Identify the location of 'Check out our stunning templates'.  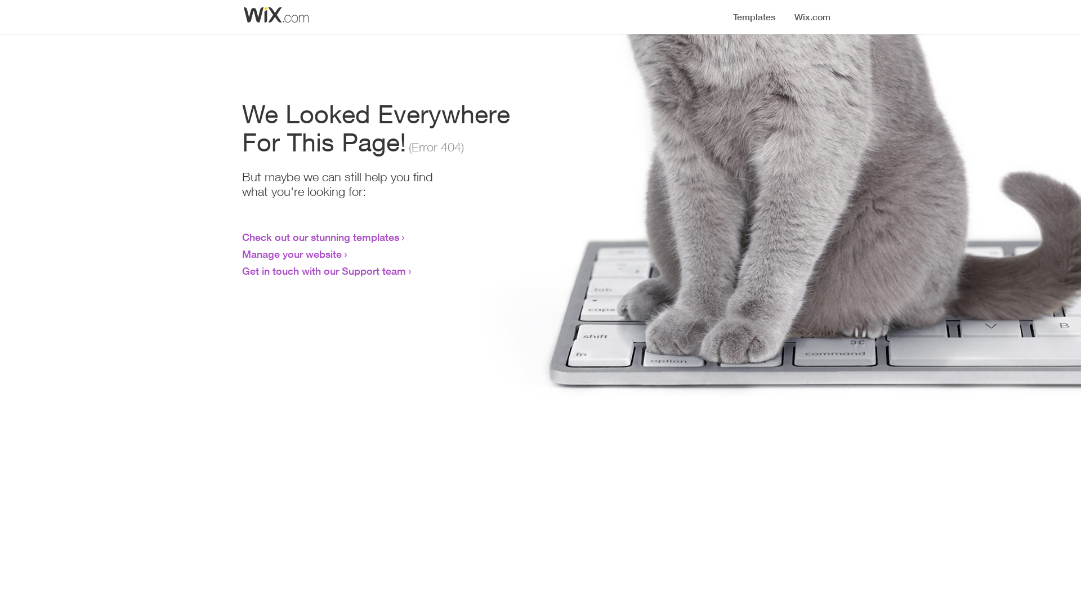
(320, 236).